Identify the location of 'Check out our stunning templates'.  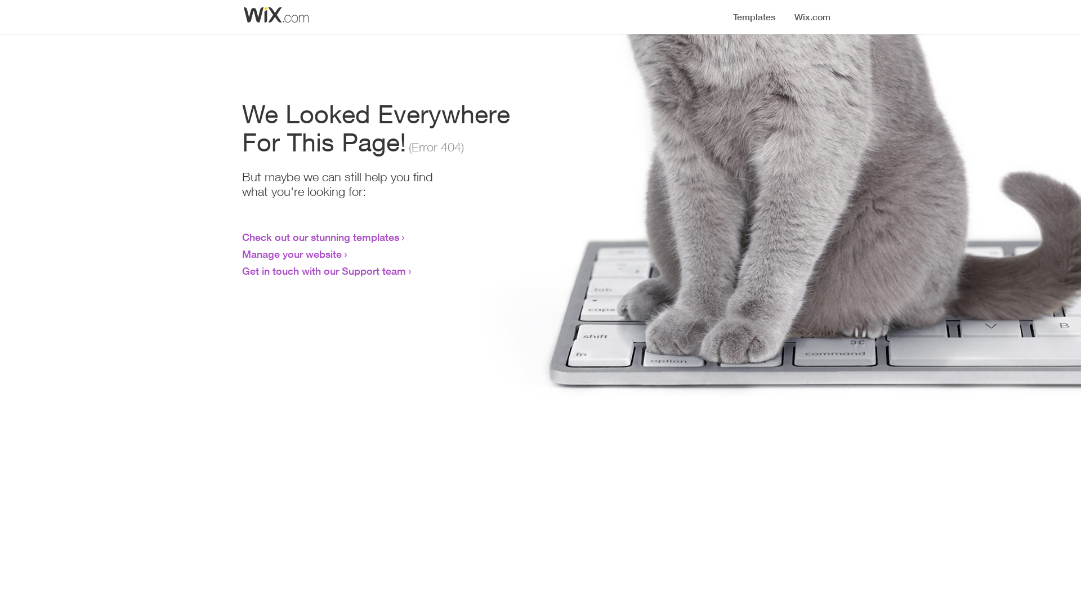
(320, 236).